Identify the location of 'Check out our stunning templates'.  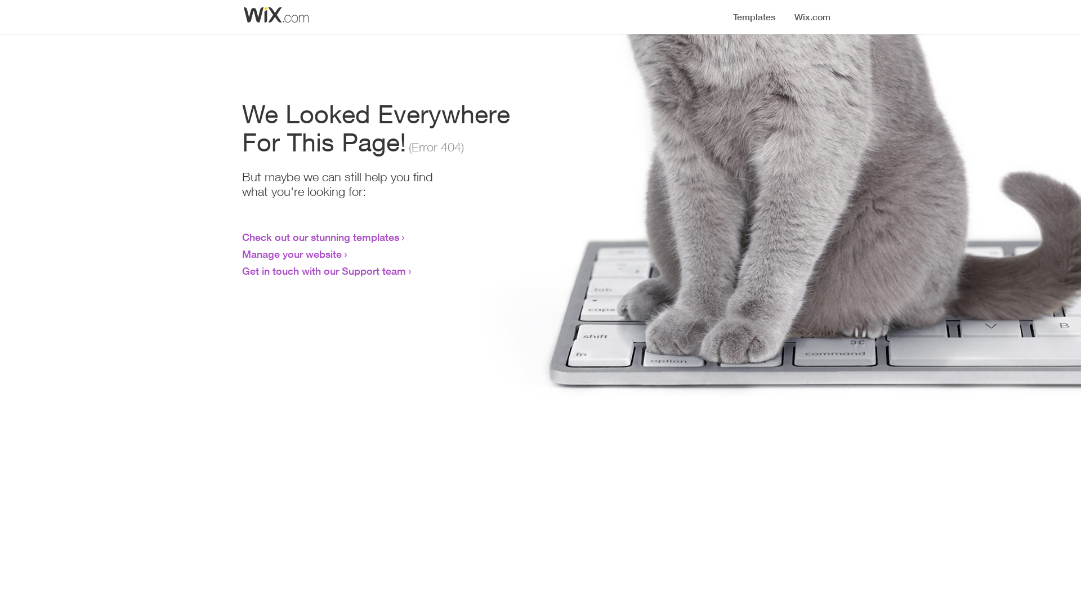
(320, 236).